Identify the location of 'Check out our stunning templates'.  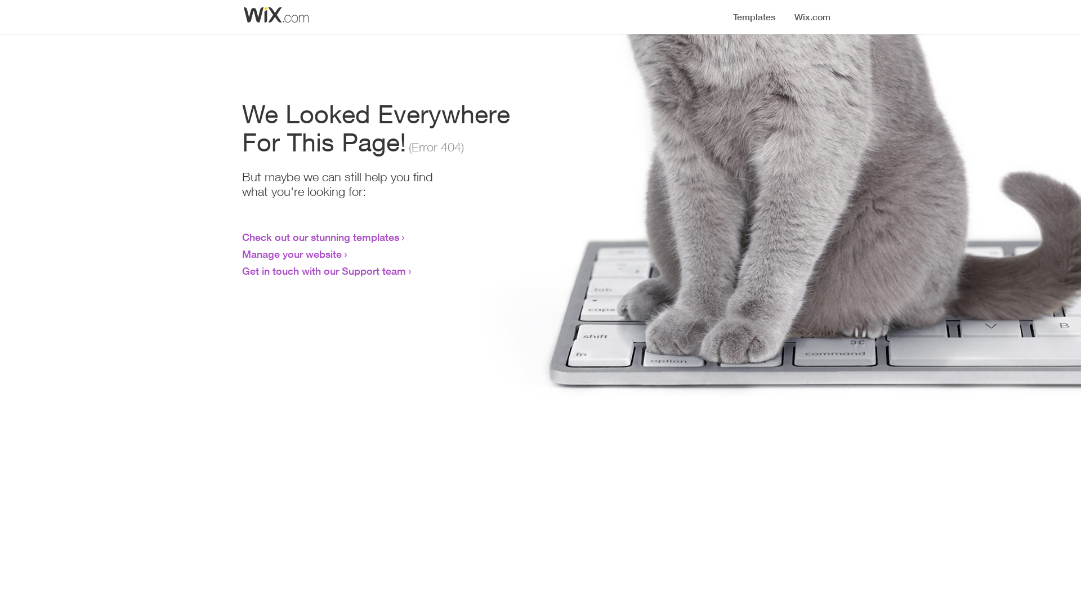
(320, 236).